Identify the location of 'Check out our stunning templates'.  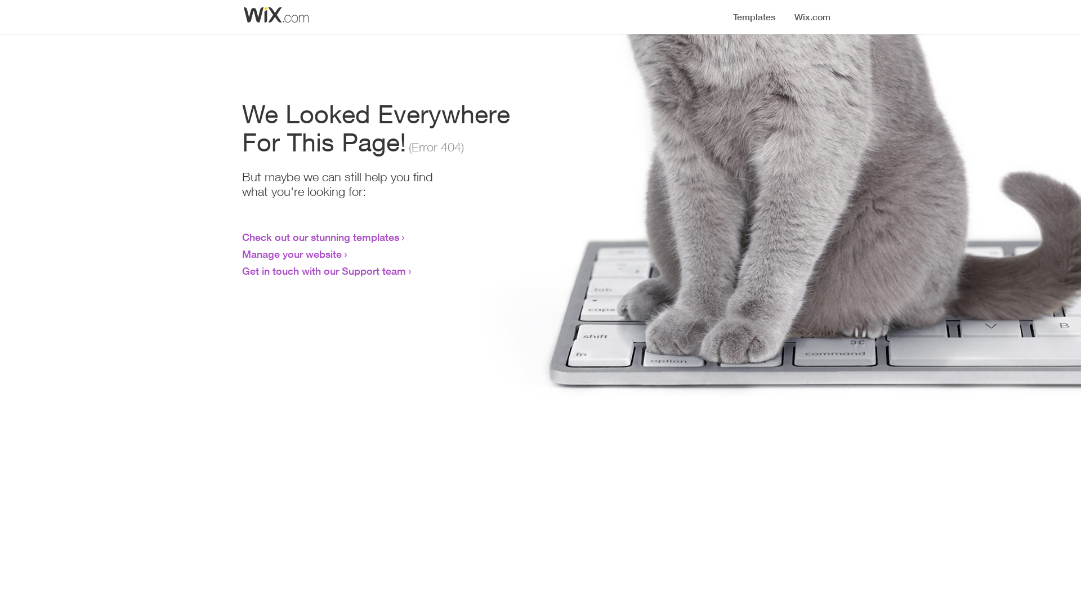
(320, 236).